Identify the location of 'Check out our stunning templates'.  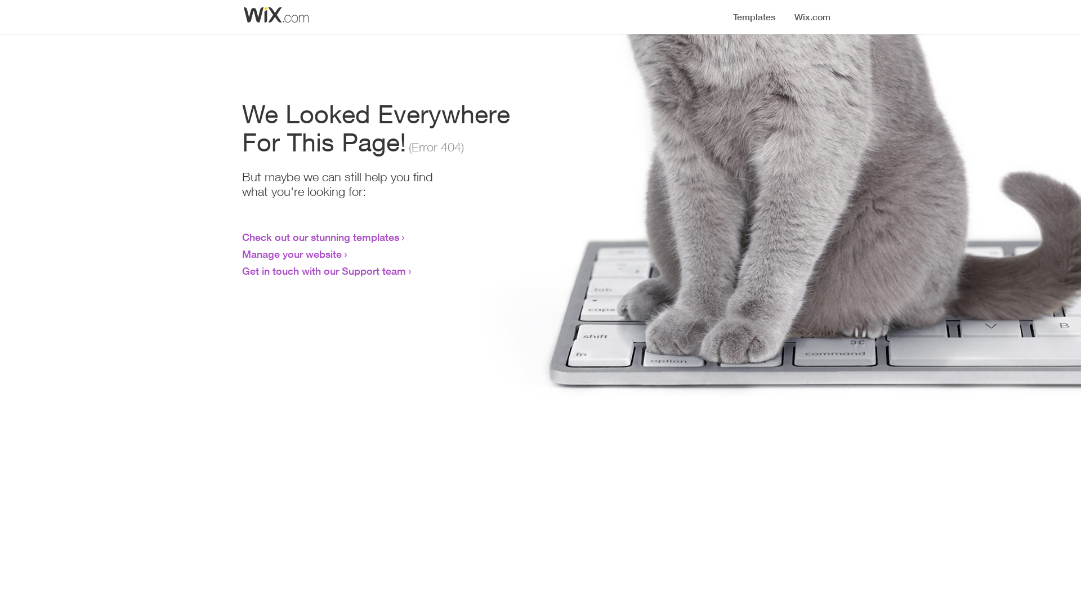
(320, 236).